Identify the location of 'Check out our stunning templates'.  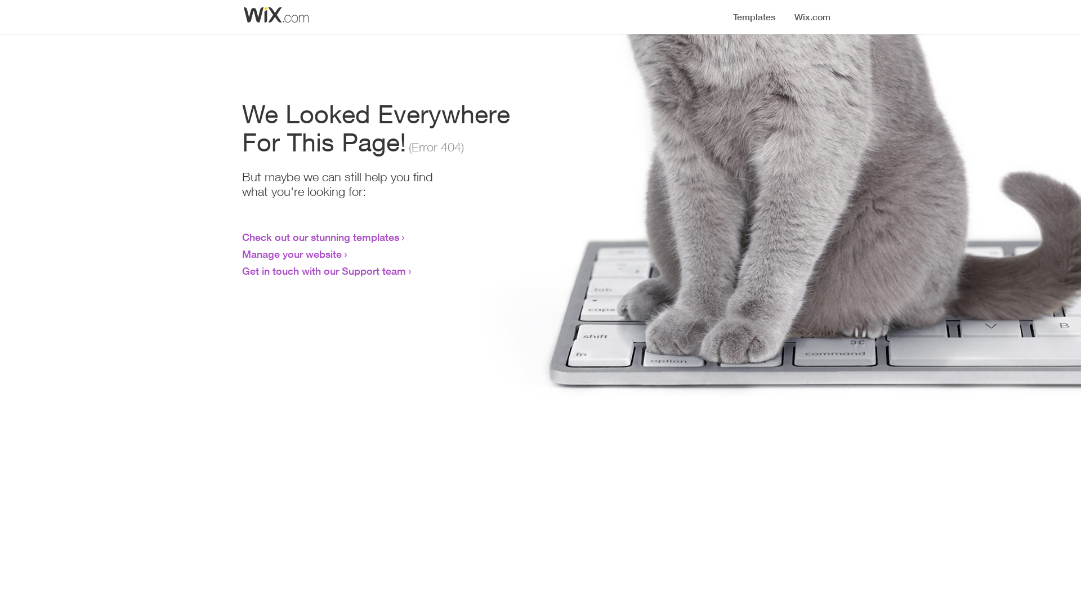
(320, 236).